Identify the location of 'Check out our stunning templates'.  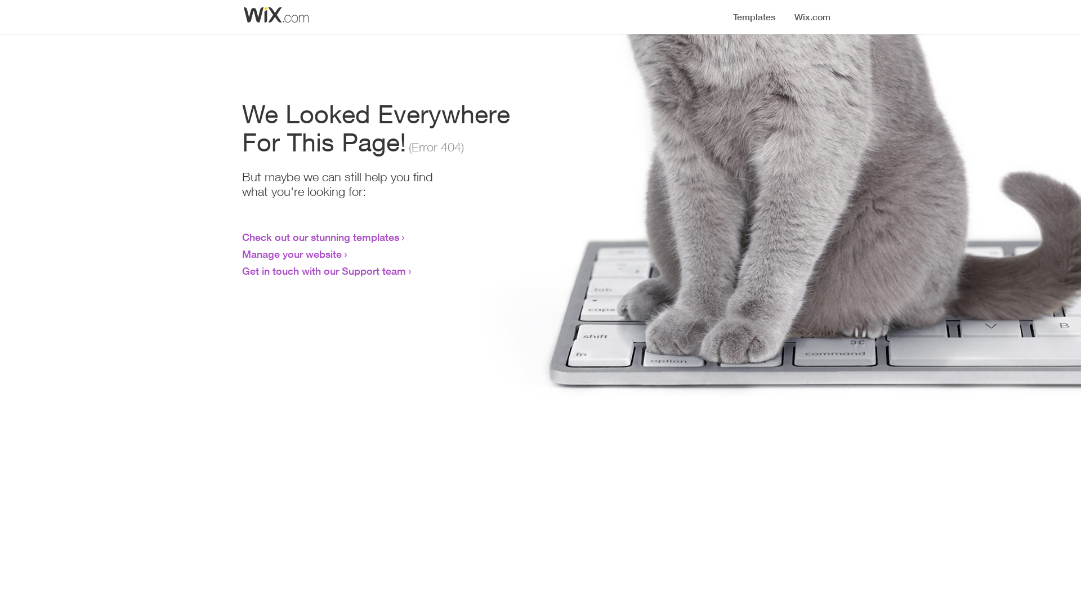
(320, 236).